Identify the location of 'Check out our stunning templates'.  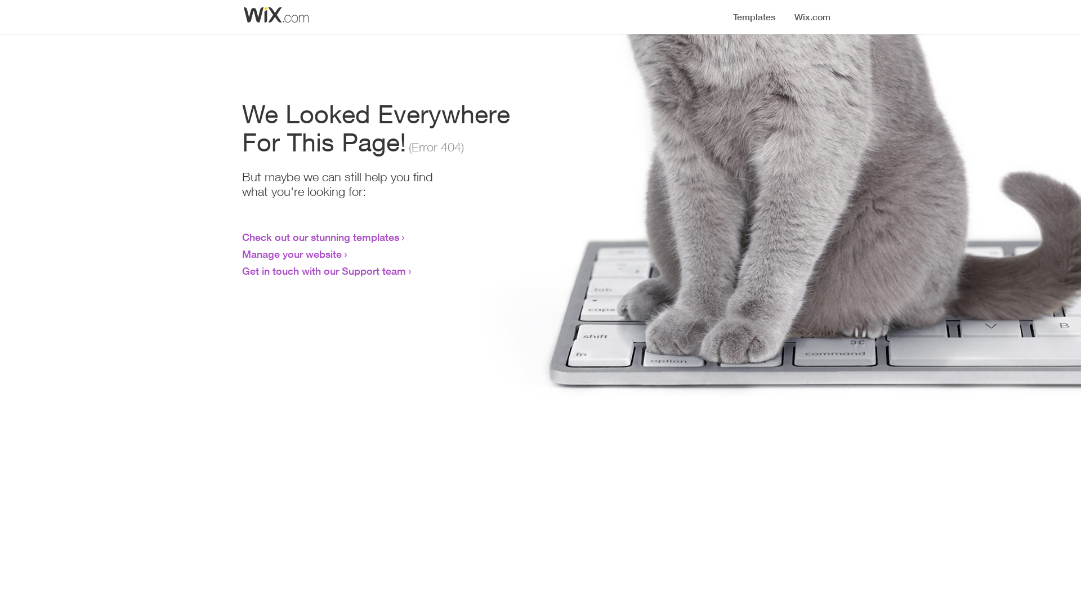
(320, 236).